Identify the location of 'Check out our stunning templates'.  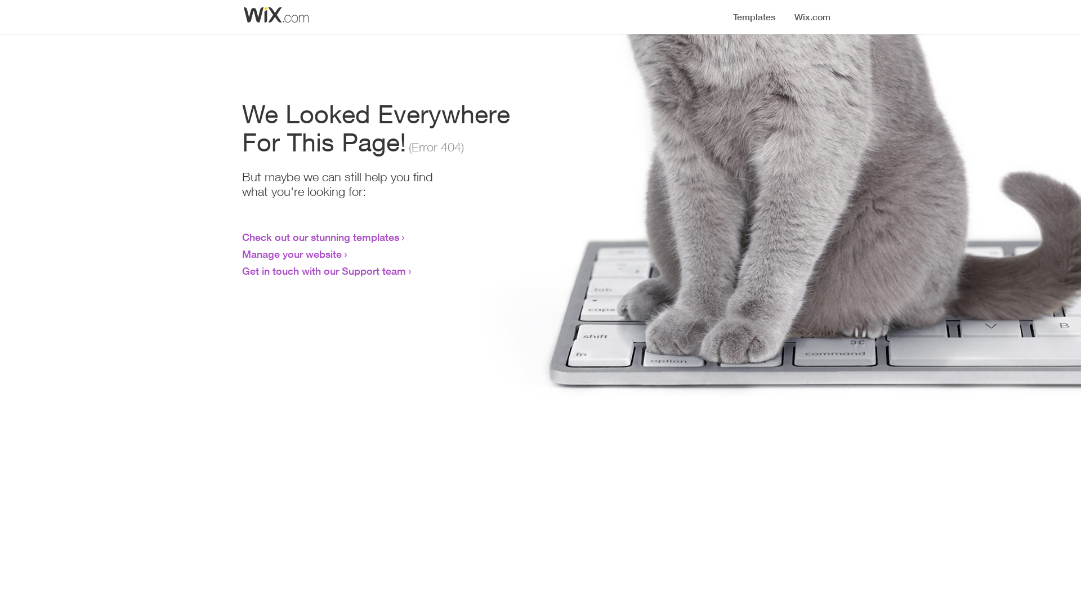
(320, 236).